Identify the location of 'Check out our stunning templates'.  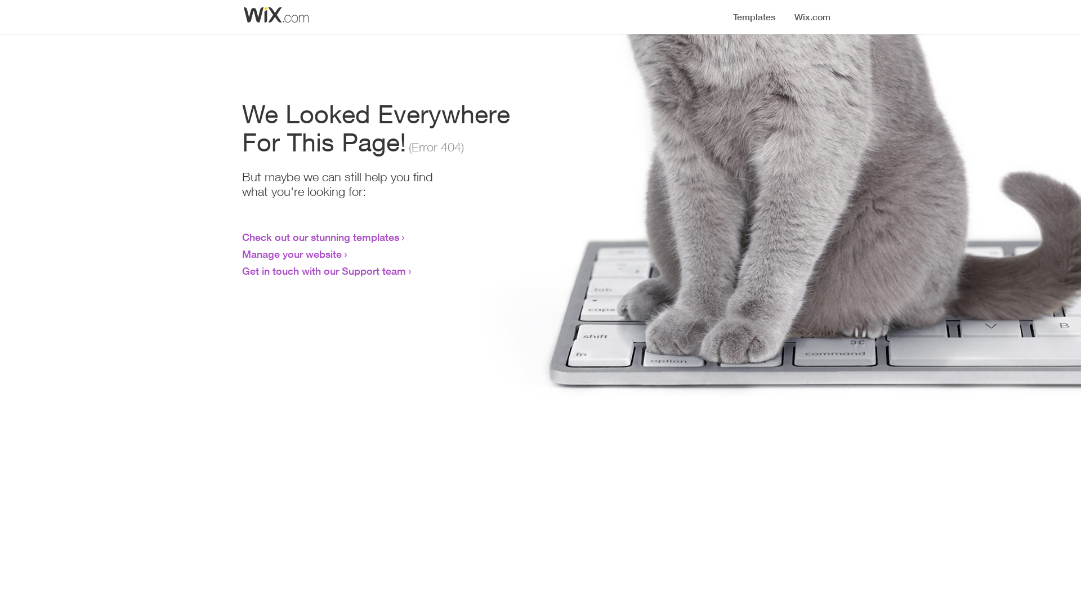
(320, 236).